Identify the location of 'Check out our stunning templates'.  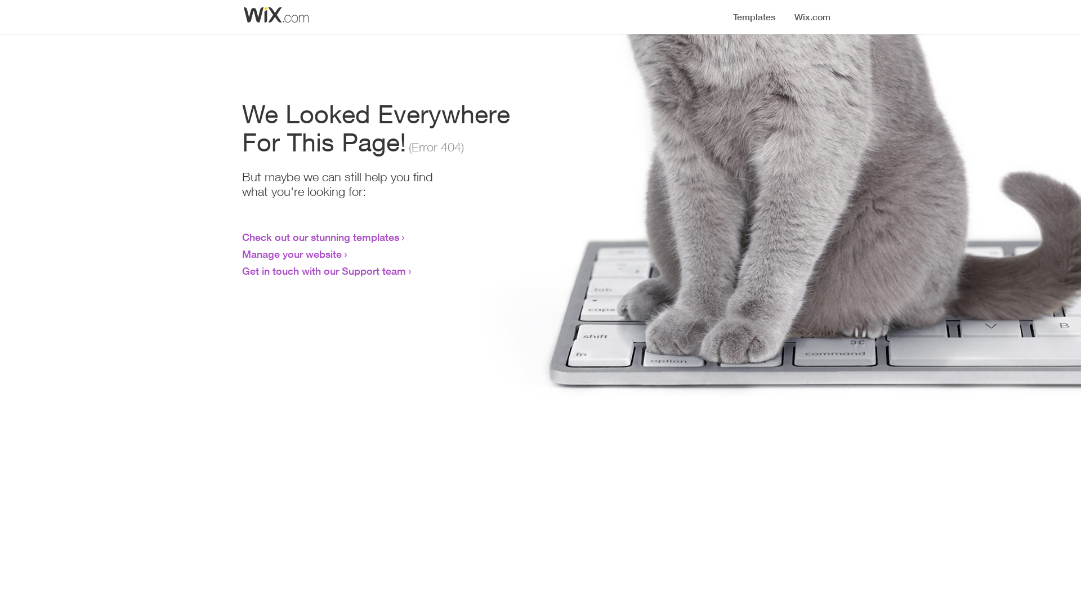
(320, 236).